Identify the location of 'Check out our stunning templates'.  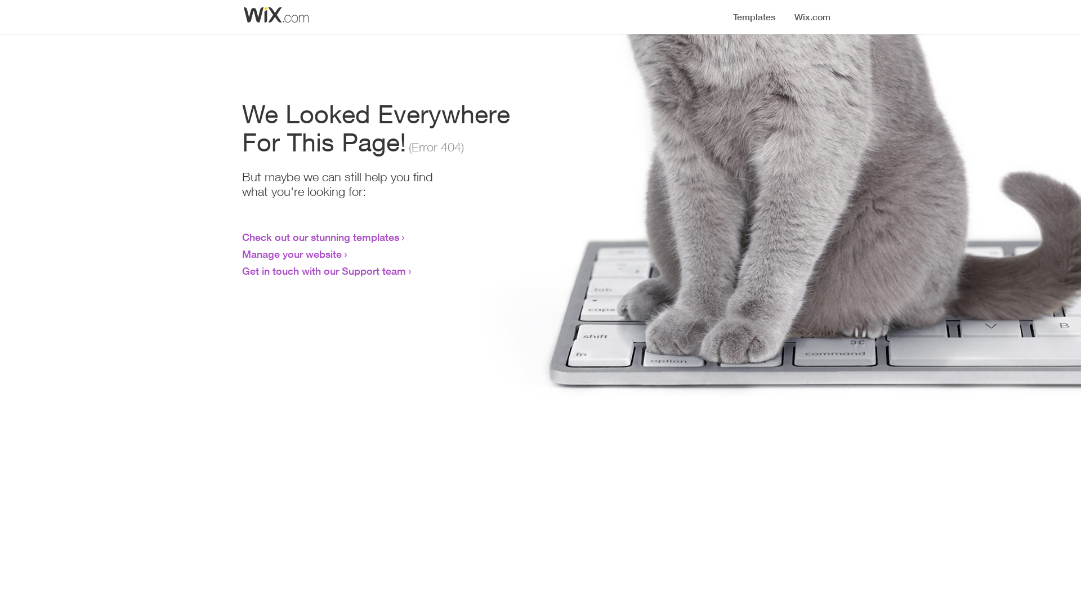
(320, 236).